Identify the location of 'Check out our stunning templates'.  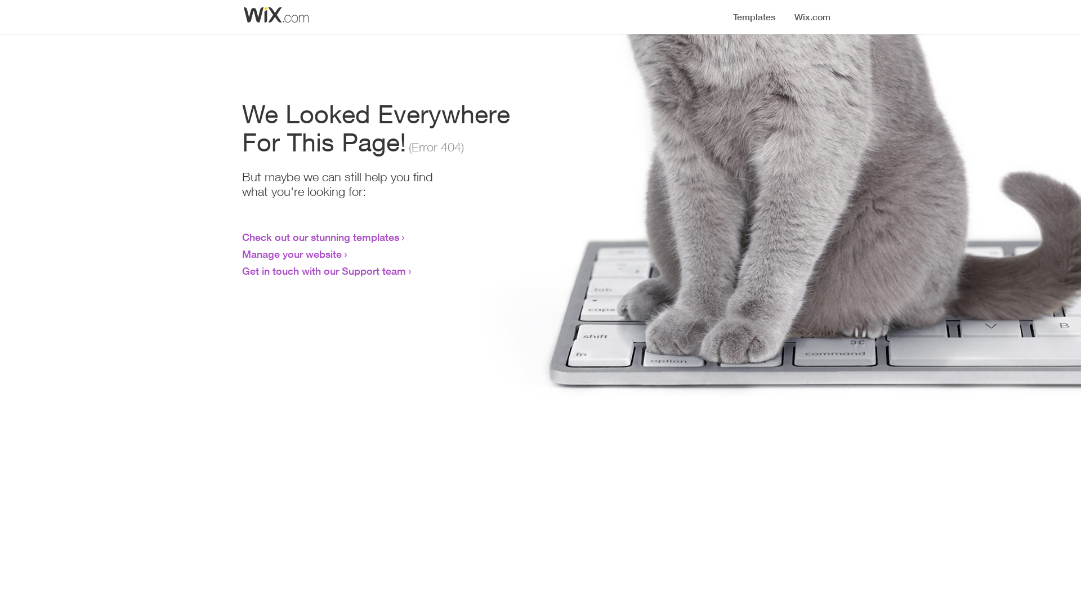
(320, 236).